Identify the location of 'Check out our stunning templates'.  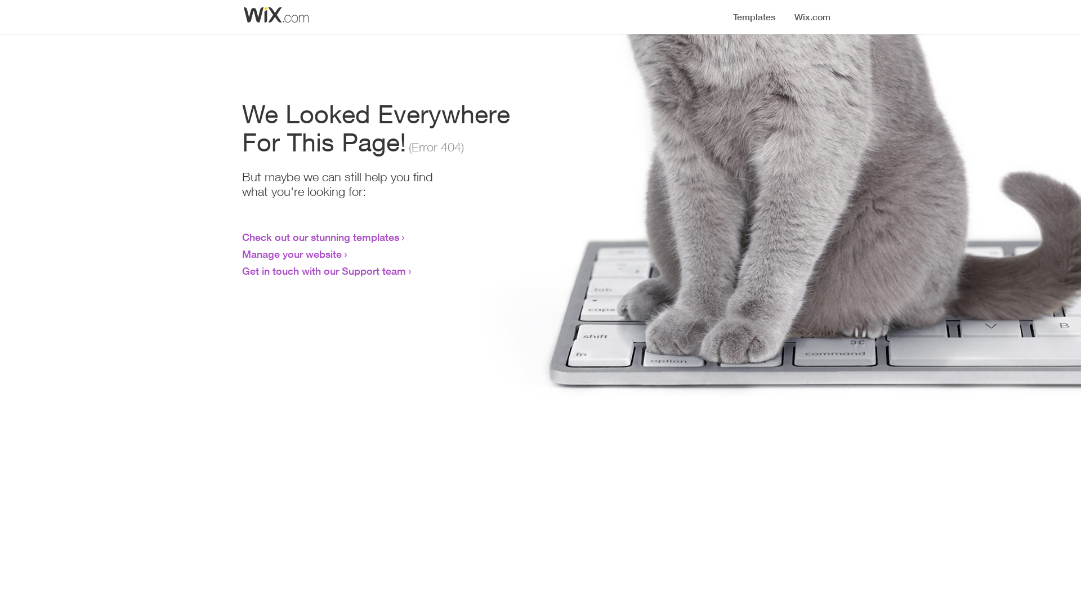
(320, 236).